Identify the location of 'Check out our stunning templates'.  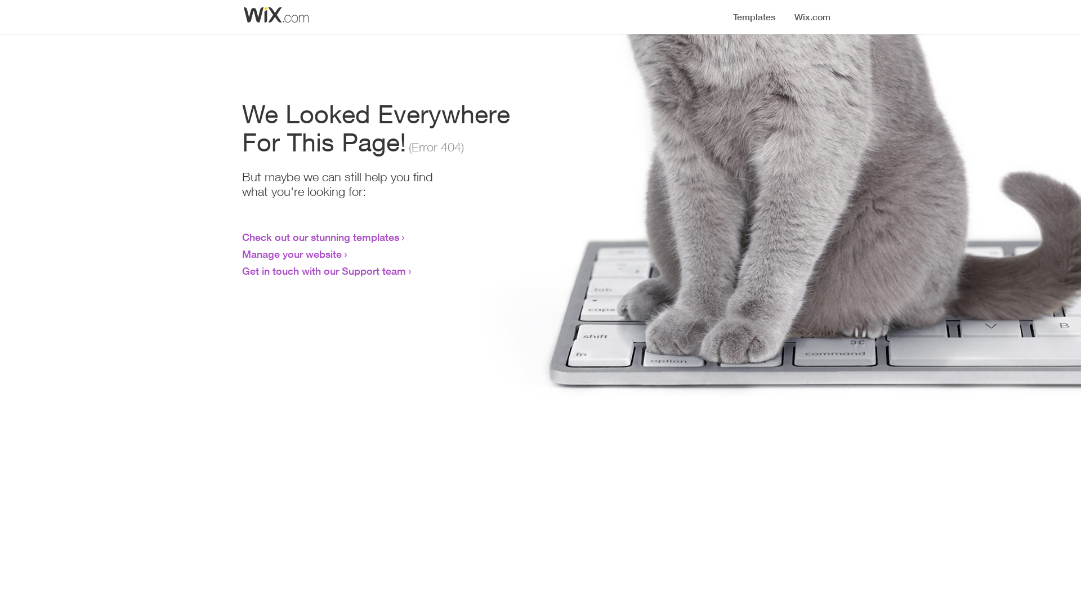
(320, 236).